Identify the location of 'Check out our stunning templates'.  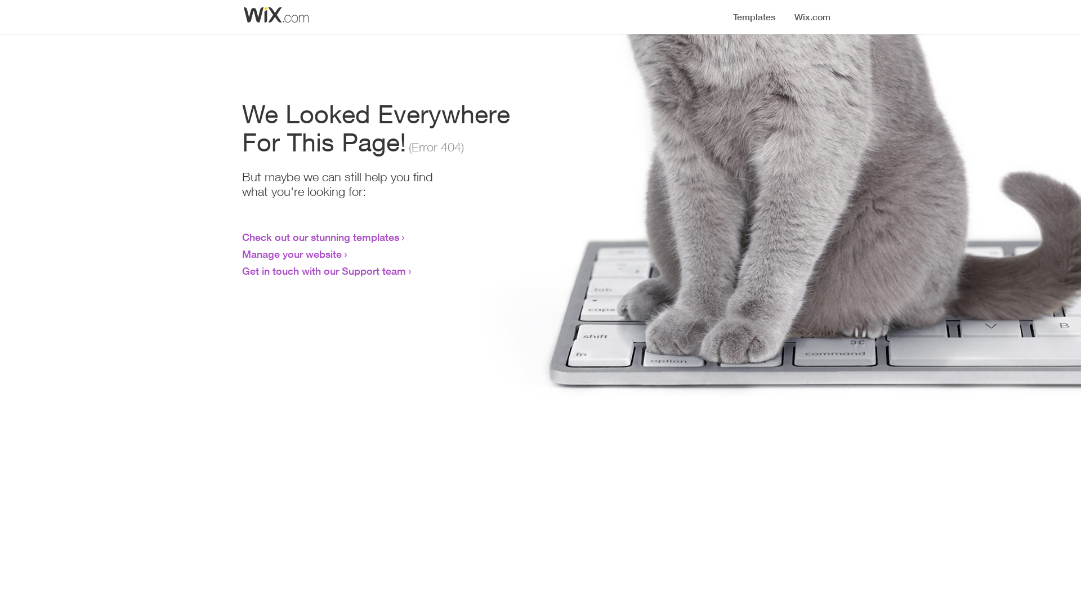
(320, 236).